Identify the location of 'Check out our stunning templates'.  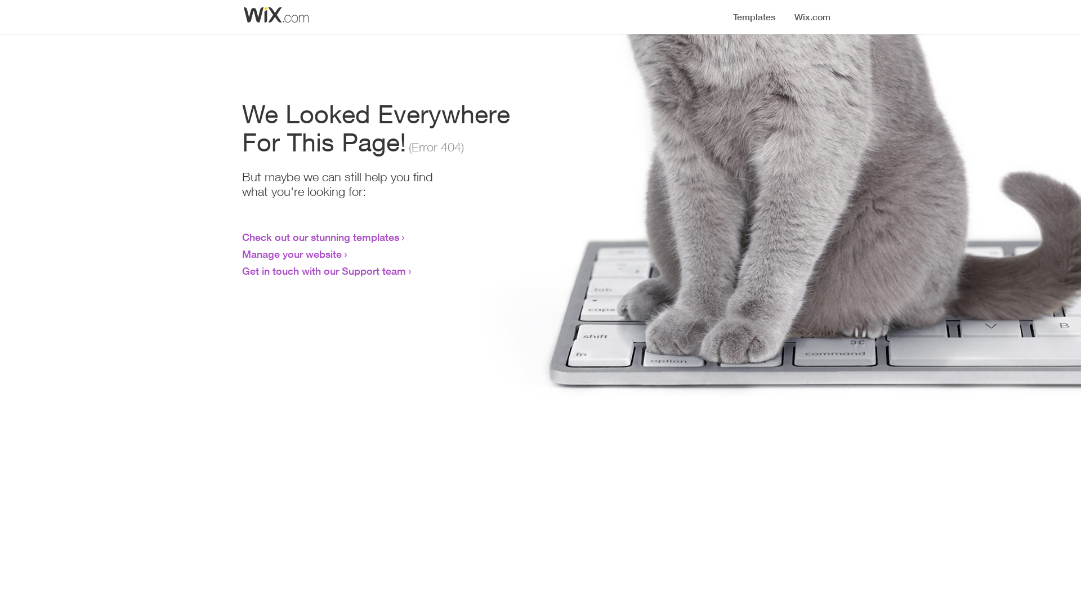
(320, 236).